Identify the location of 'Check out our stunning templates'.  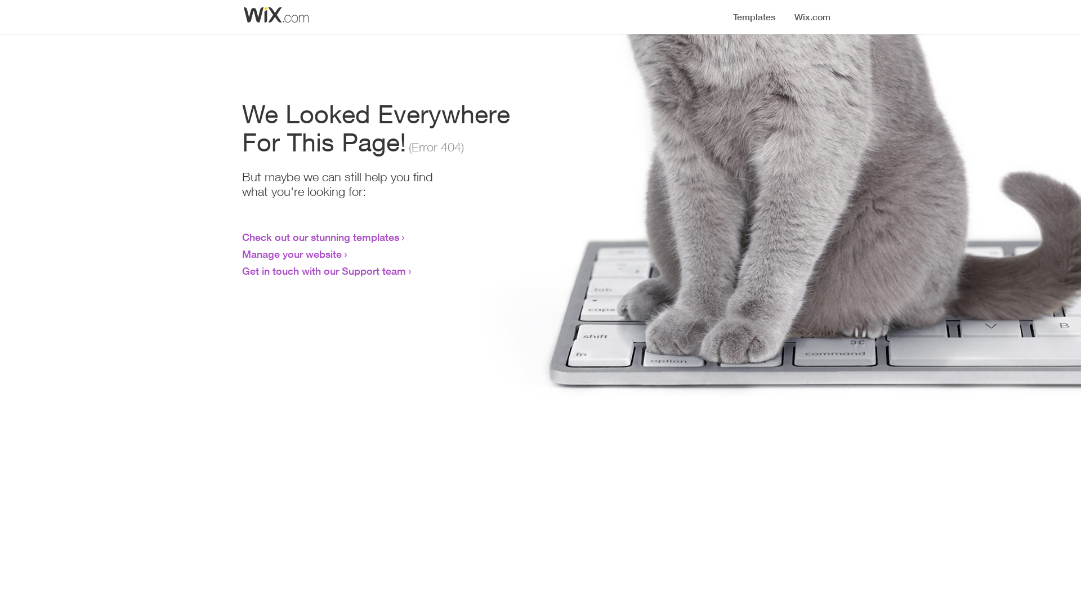
(320, 236).